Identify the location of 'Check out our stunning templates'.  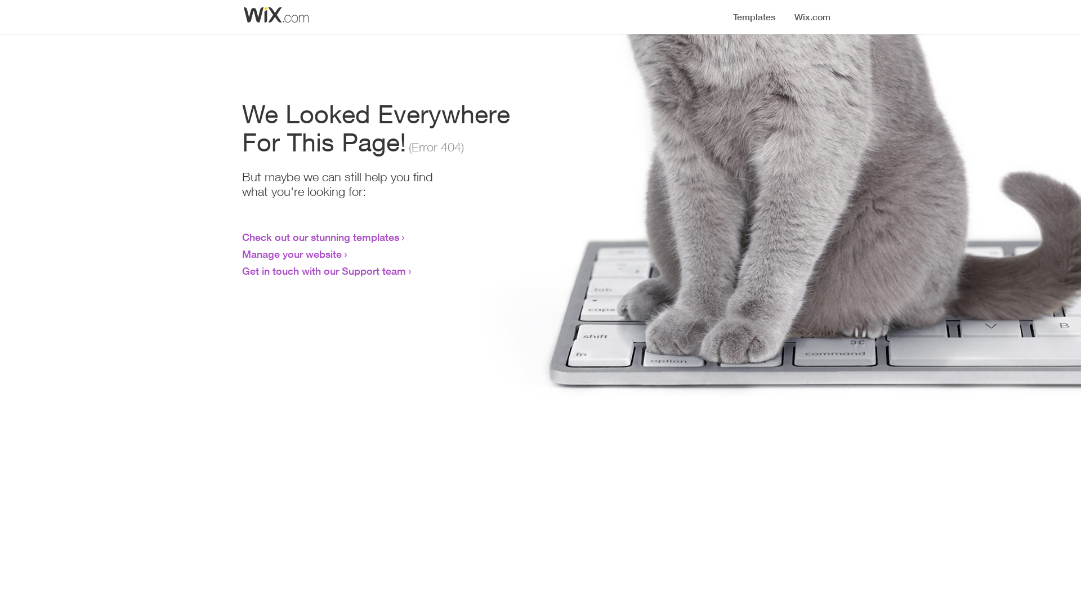
(320, 236).